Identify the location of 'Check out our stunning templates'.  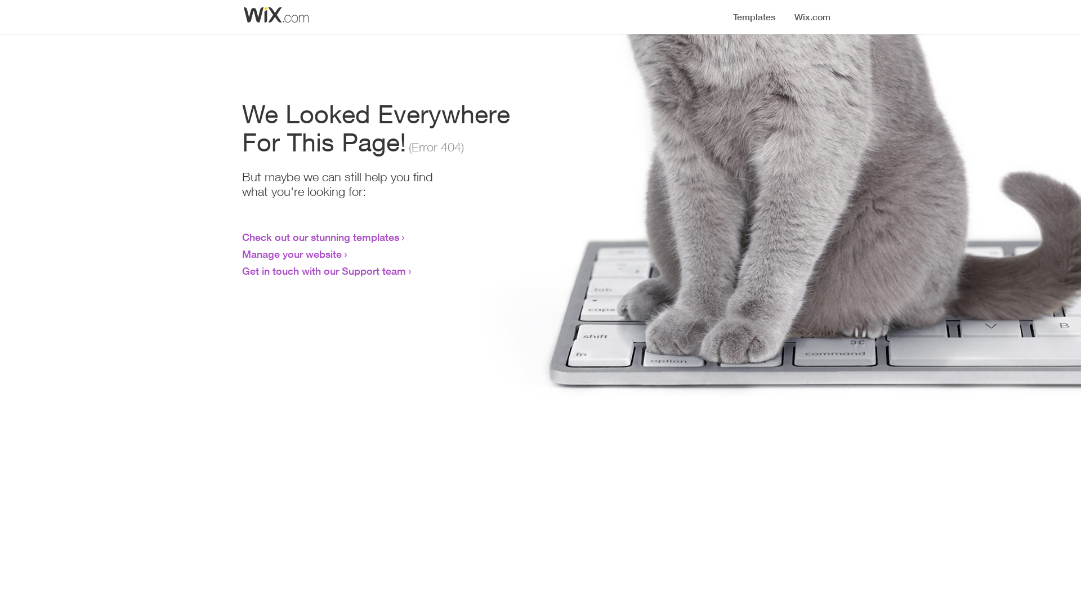
(320, 236).